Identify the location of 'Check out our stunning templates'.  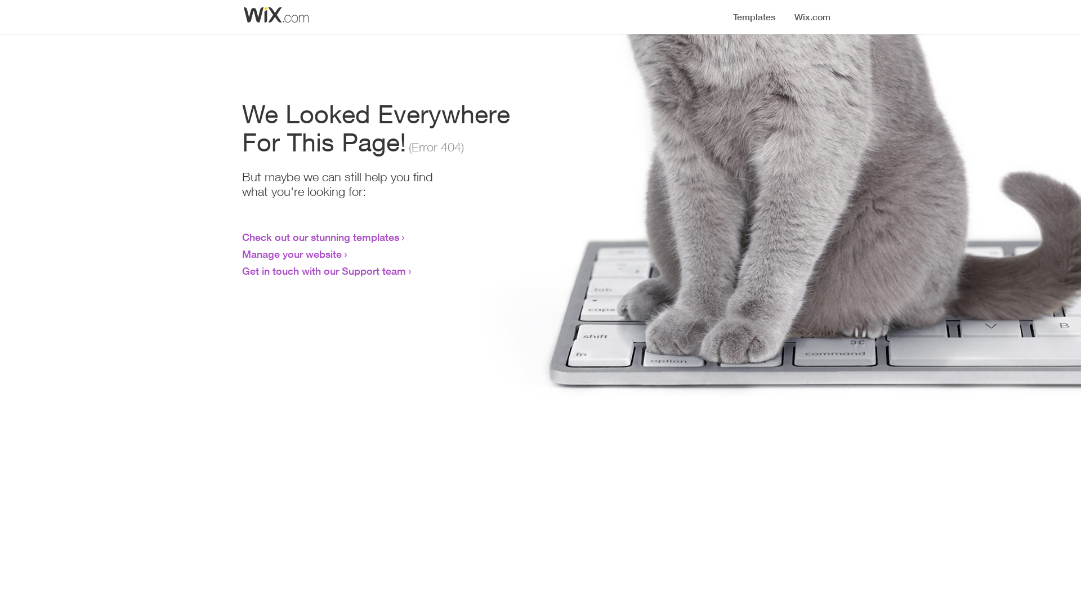
(320, 236).